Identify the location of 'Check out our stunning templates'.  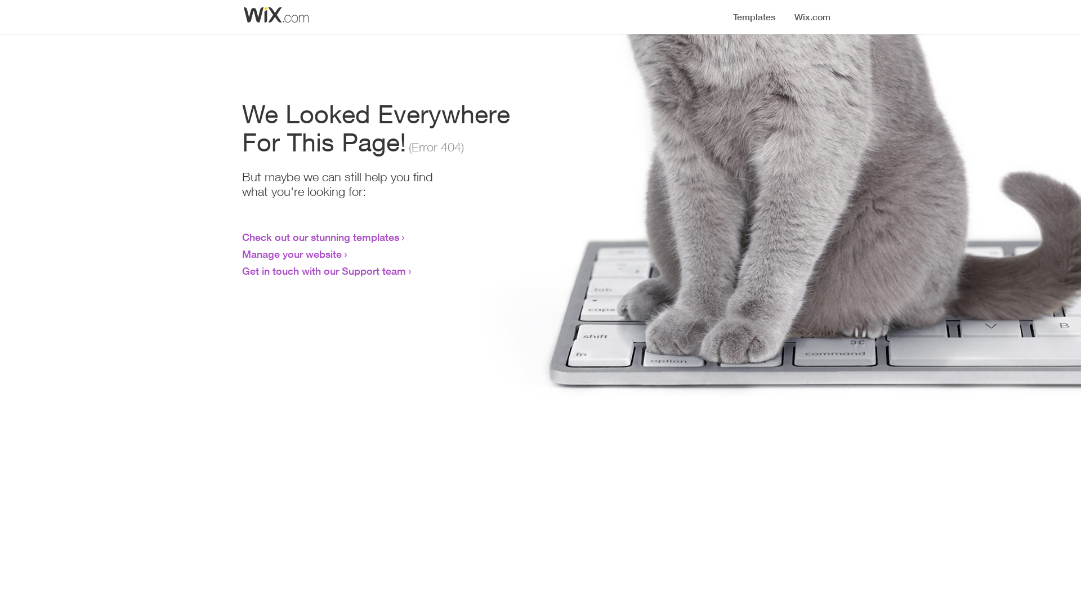
(320, 236).